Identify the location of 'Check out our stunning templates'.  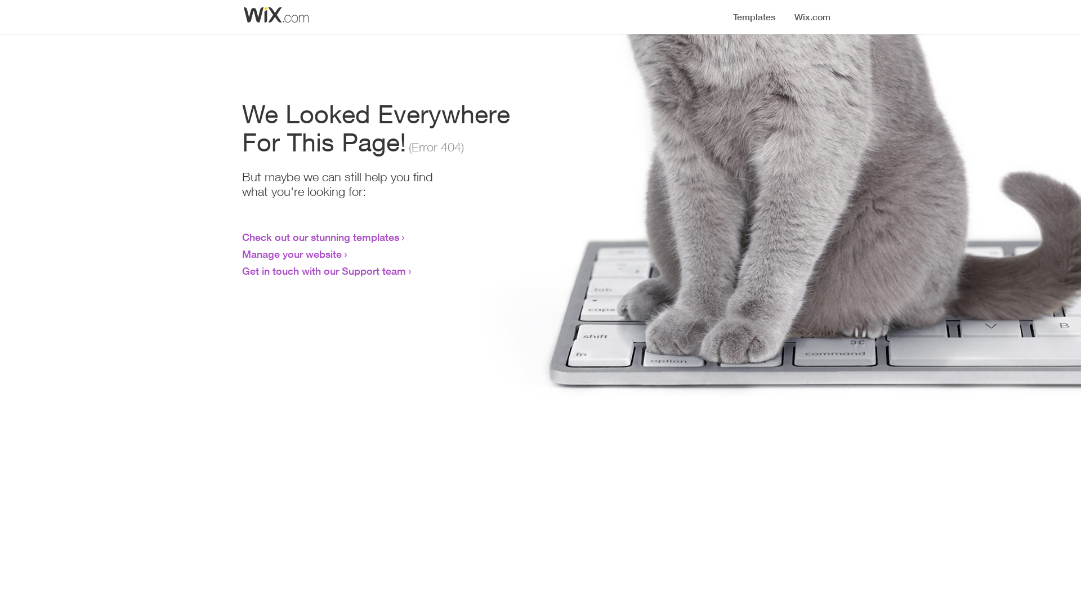
(320, 236).